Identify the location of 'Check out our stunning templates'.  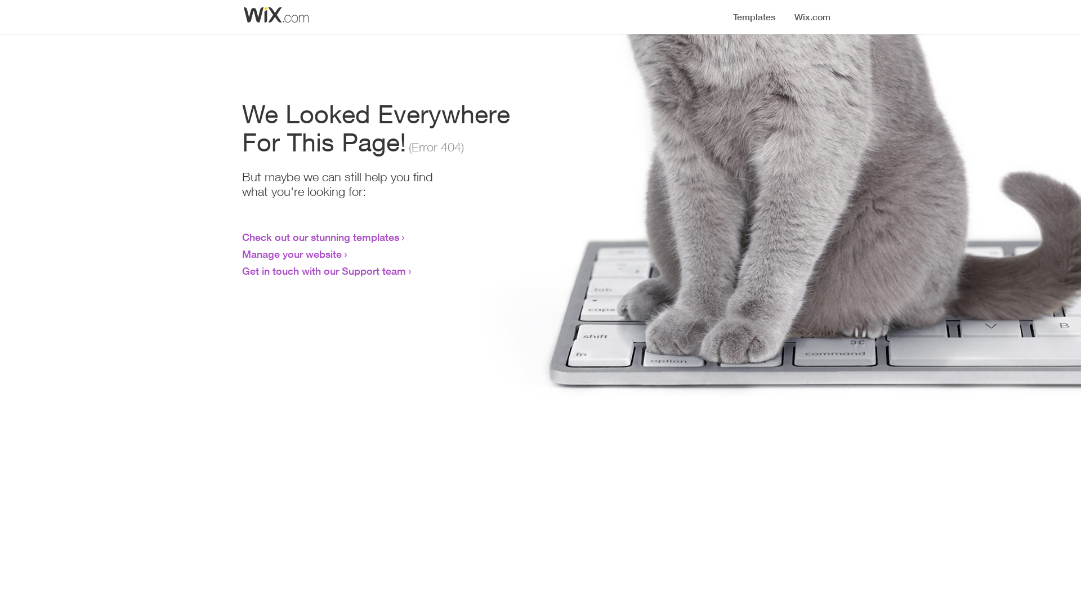
(320, 236).